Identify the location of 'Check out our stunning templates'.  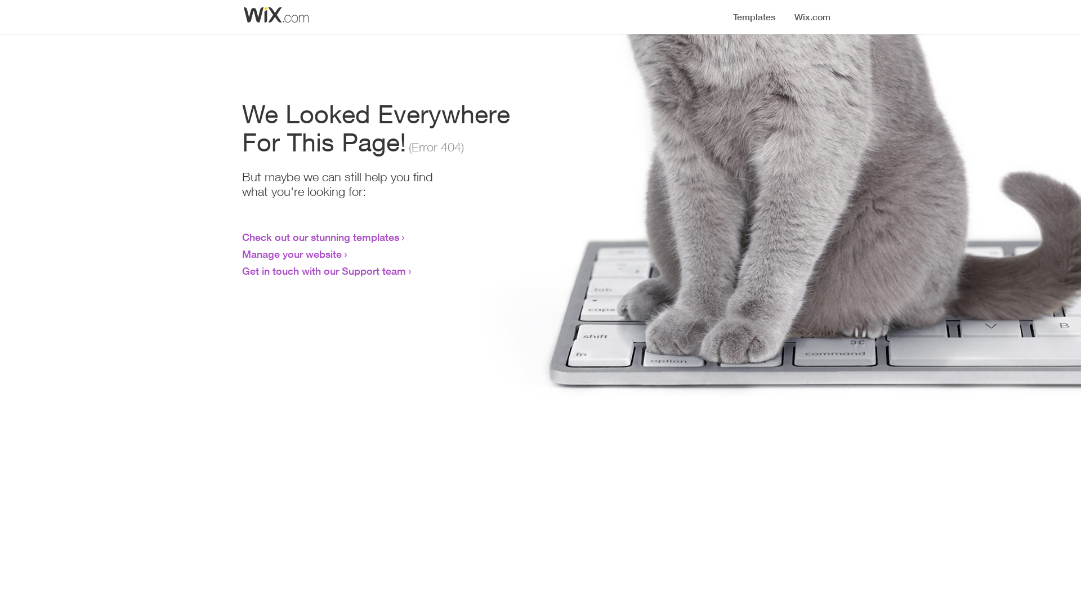
(320, 236).